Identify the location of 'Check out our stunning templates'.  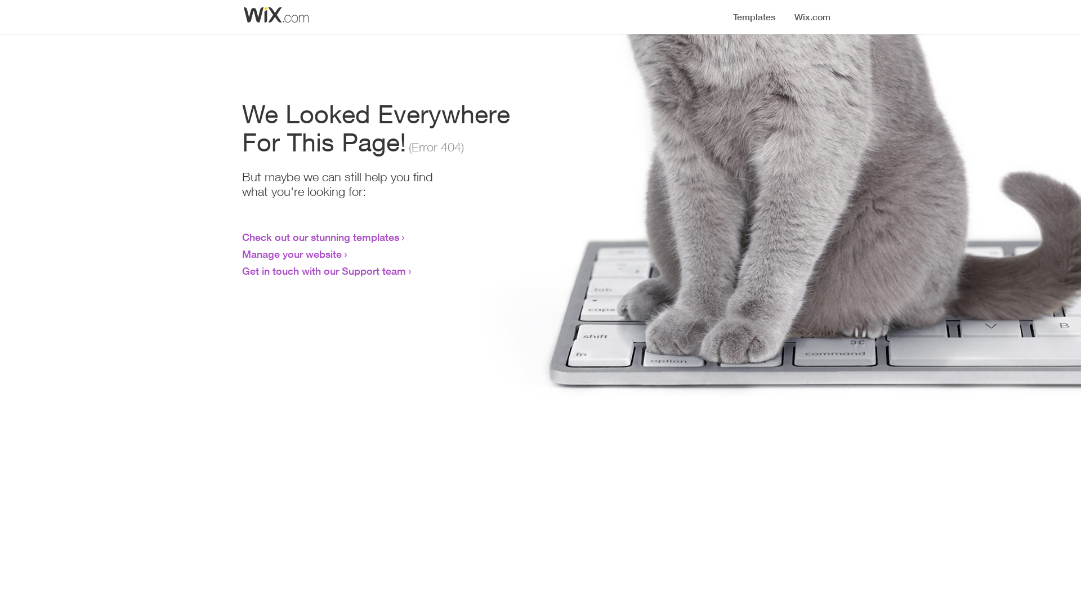
(320, 236).